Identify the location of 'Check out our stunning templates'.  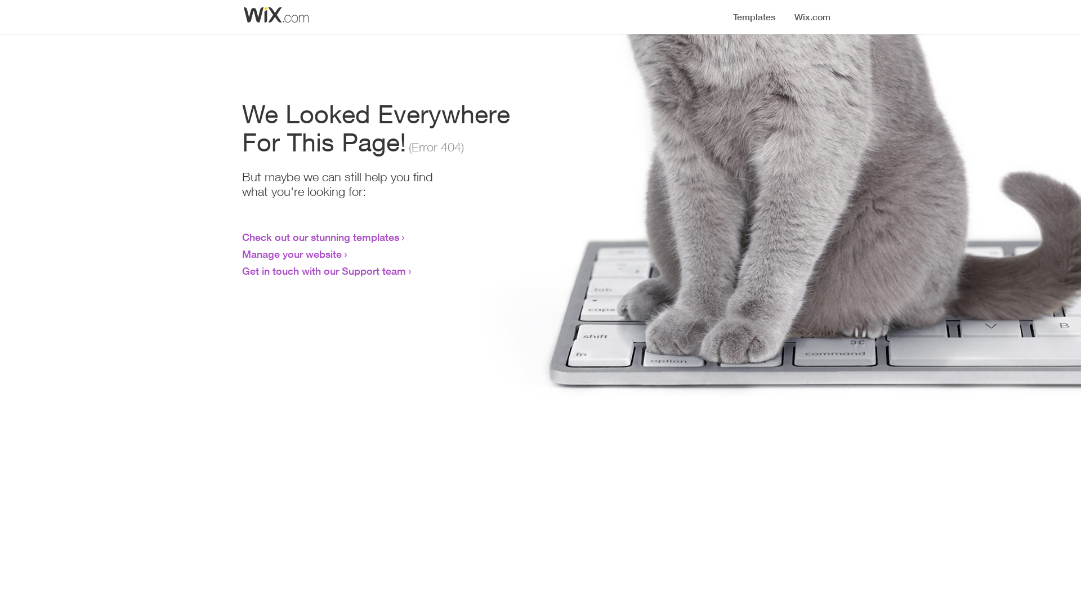
(320, 236).